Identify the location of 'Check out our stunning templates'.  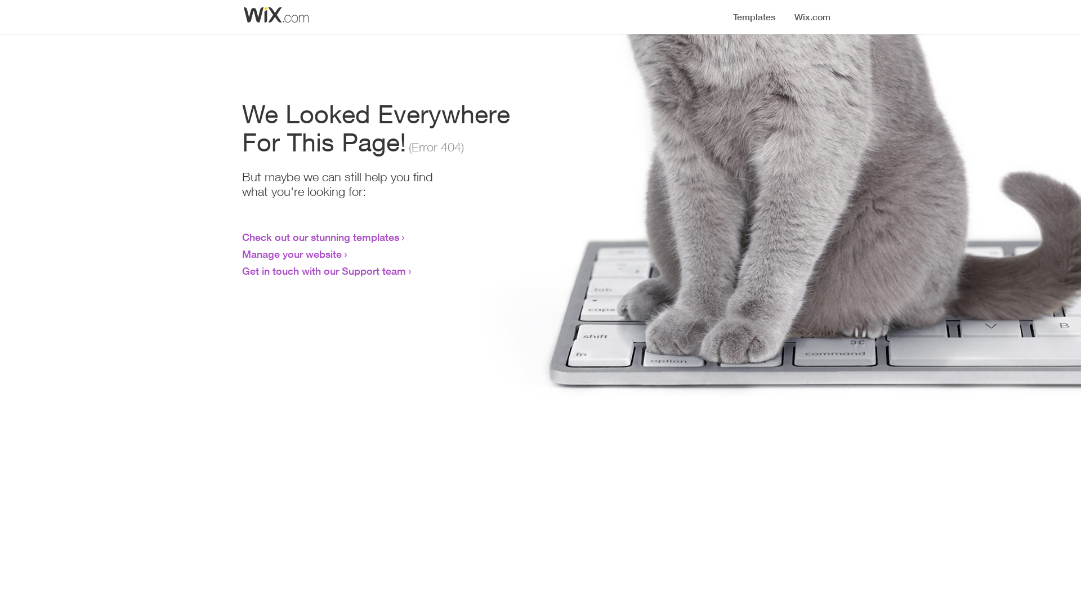
(320, 236).